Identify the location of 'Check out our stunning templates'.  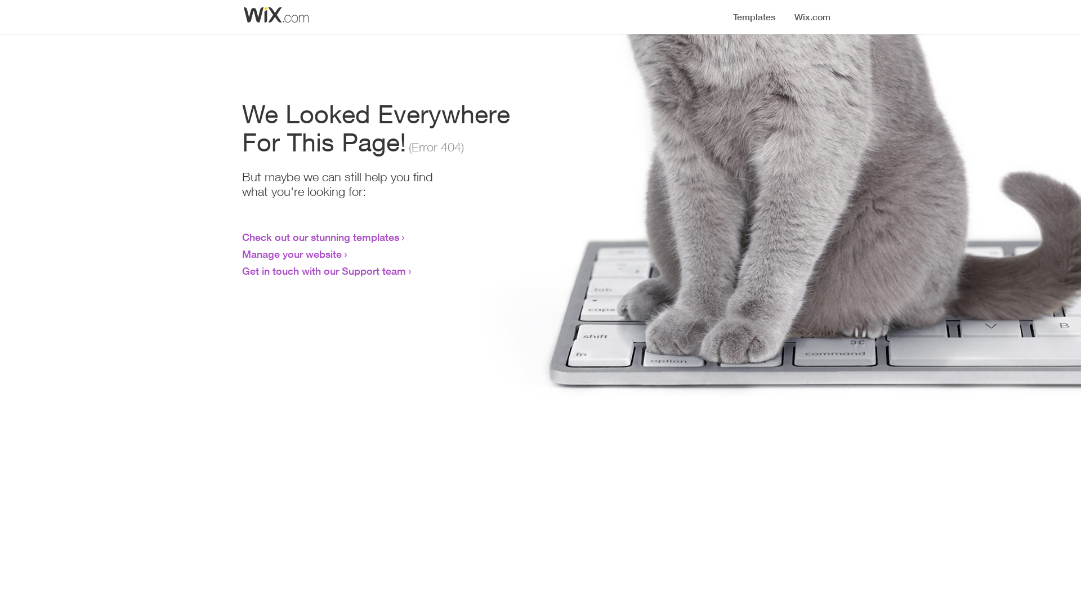
(320, 236).